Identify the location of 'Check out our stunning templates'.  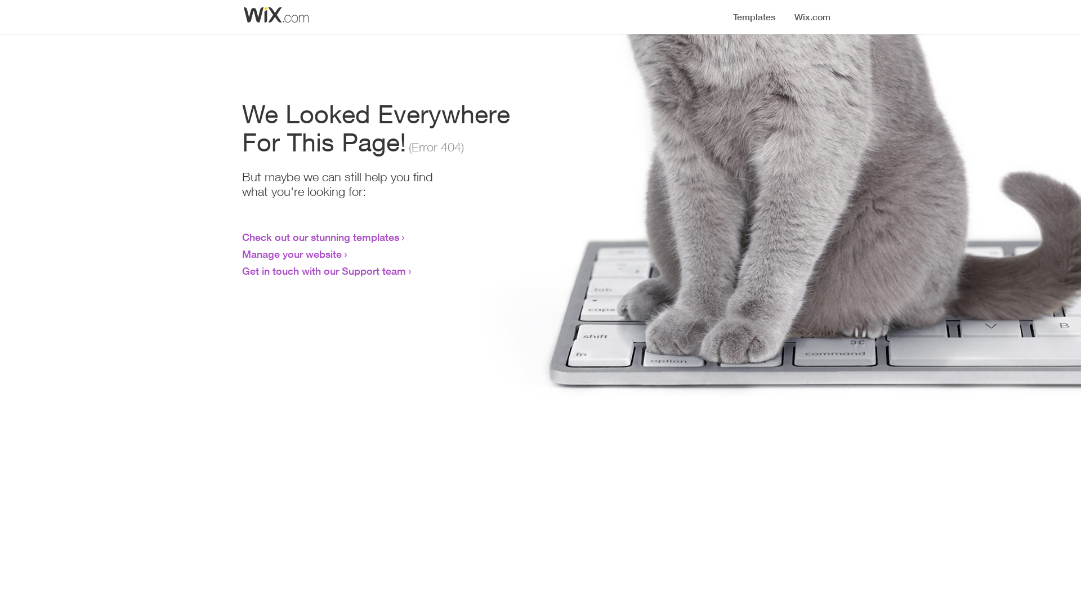
(320, 236).